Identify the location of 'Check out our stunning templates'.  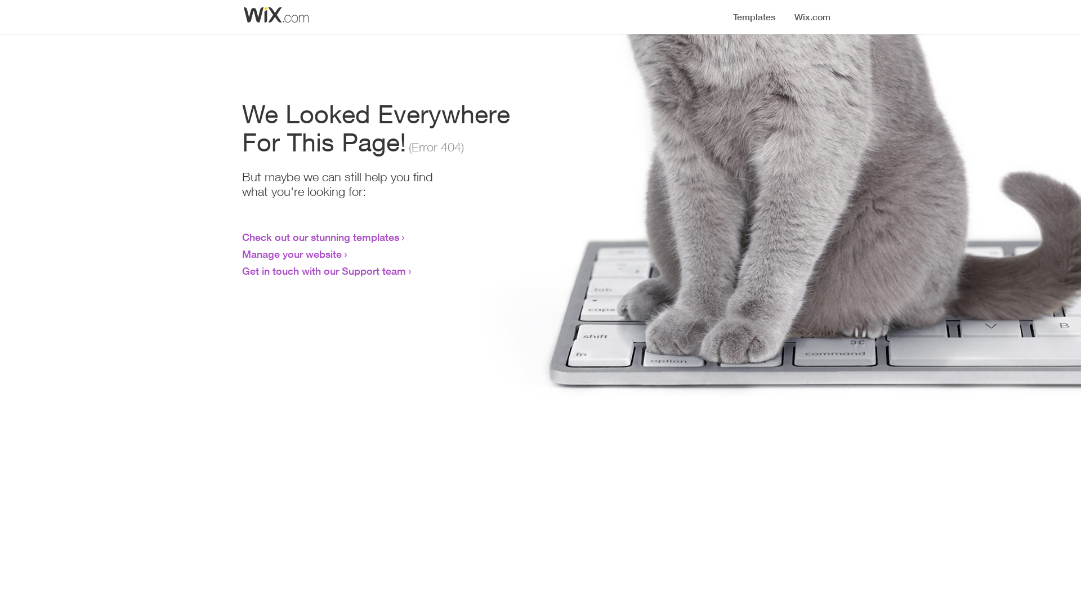
(320, 236).